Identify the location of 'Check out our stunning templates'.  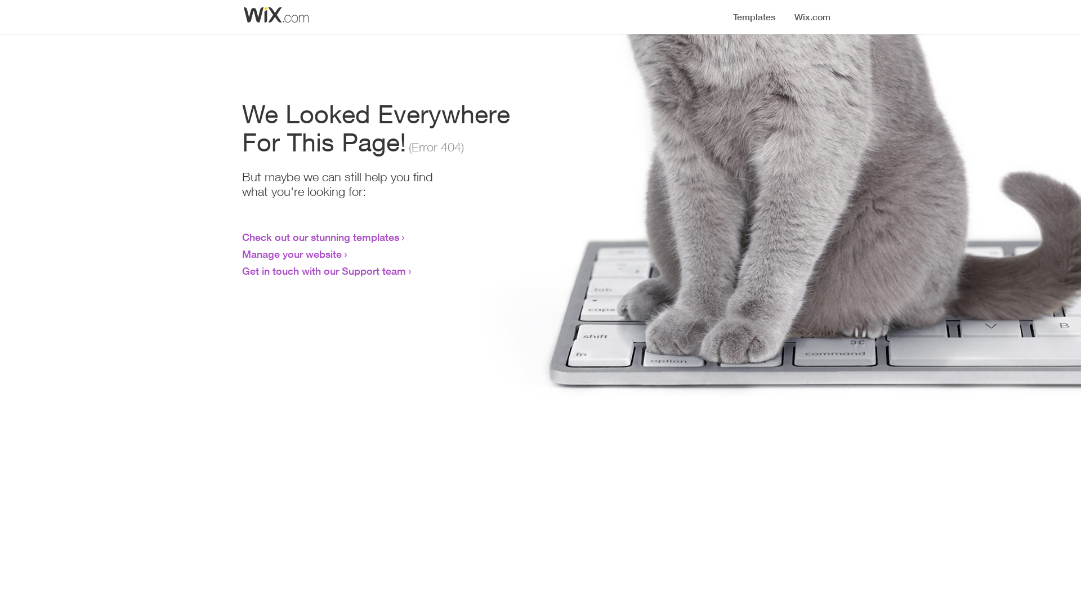
(320, 236).